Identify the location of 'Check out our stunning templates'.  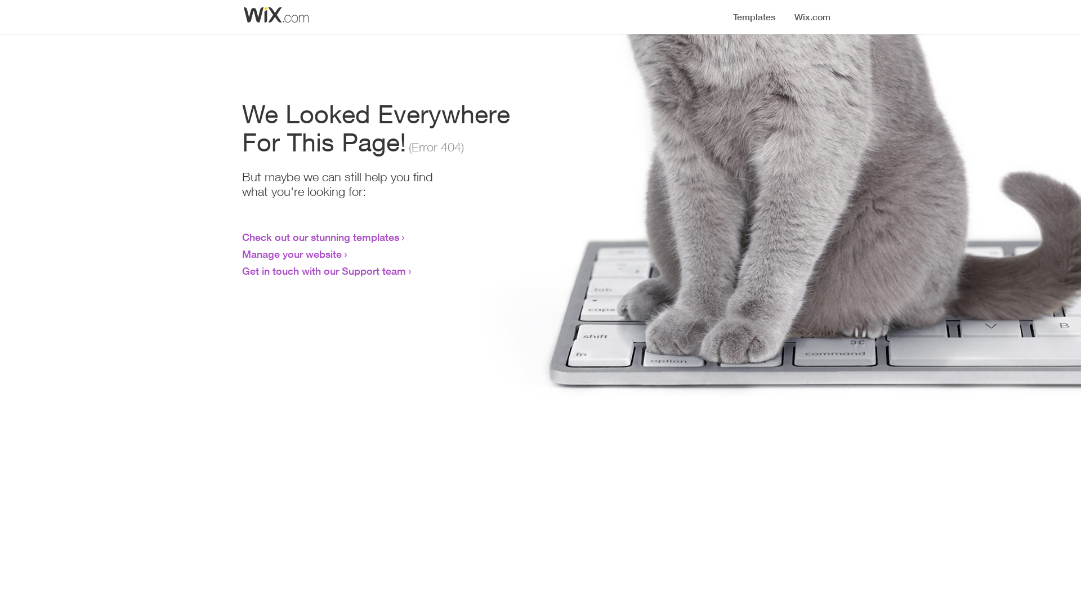
(320, 236).